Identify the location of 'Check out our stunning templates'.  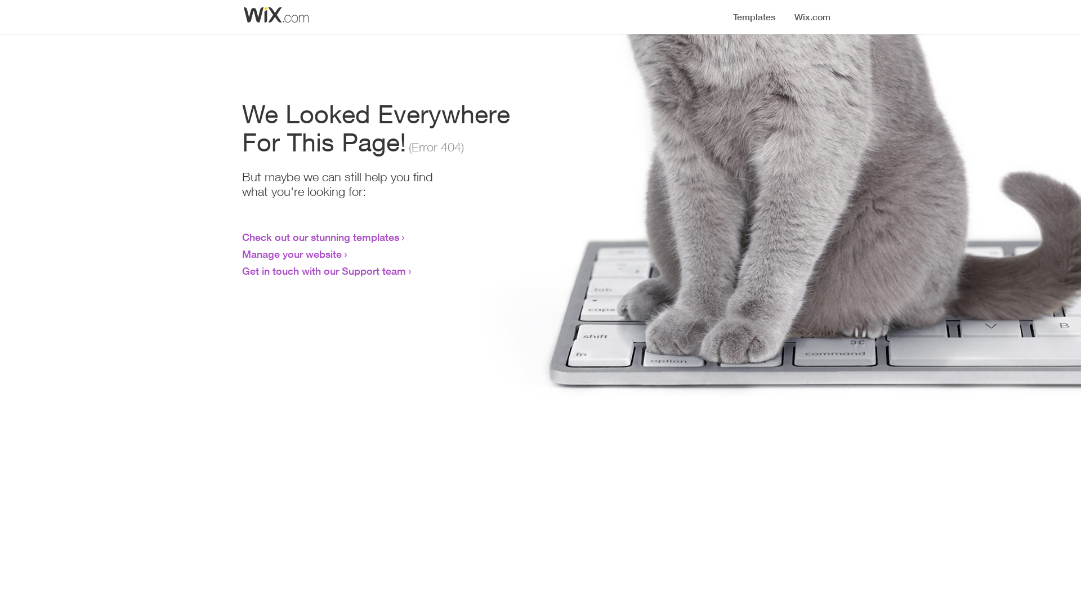
(320, 236).